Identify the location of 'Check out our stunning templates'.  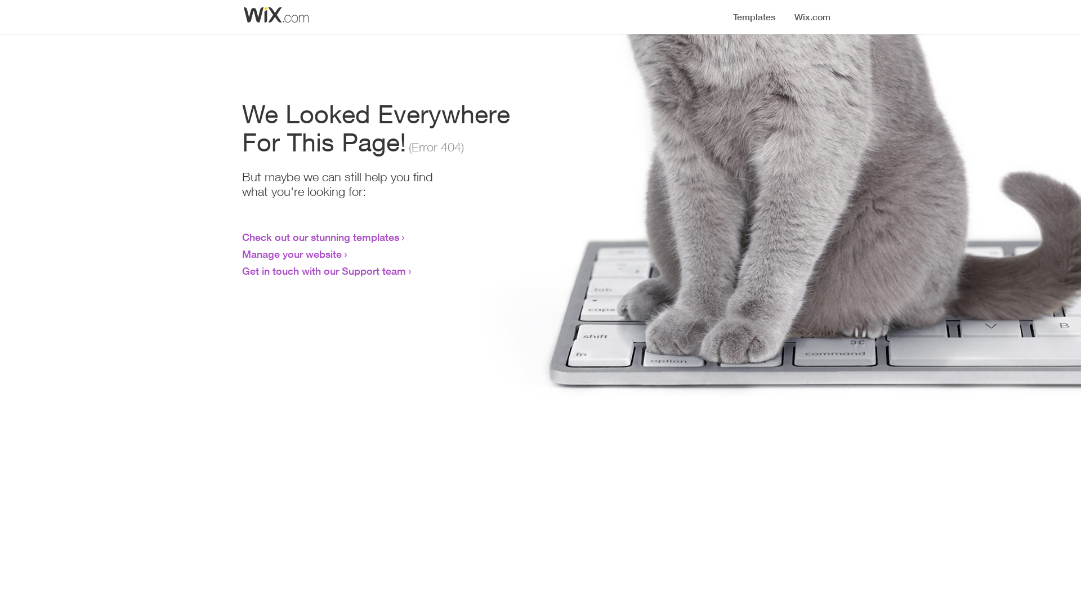
(320, 236).